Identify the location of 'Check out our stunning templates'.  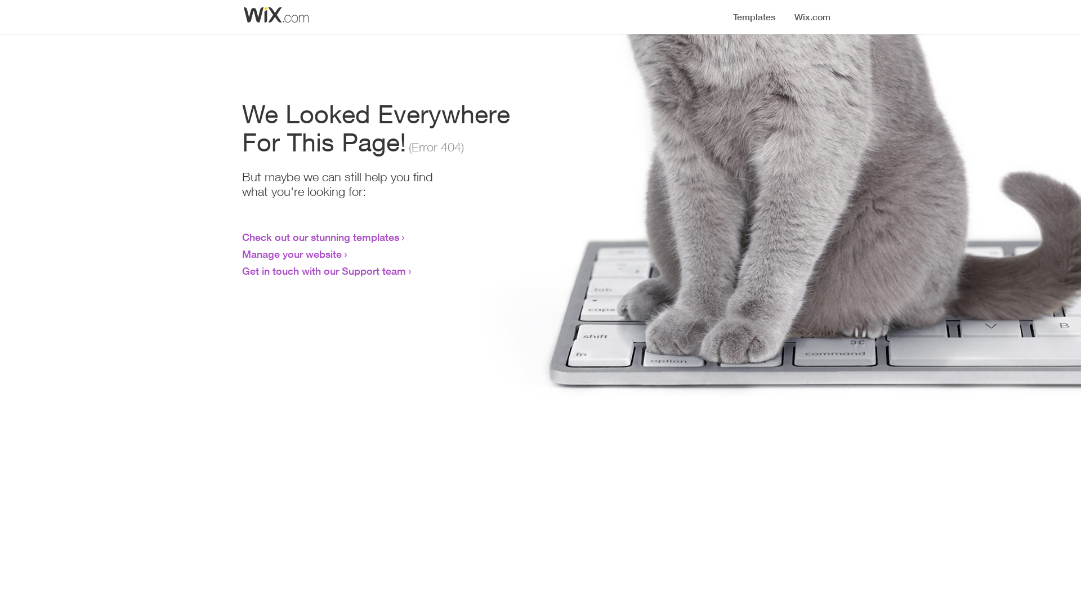
(320, 236).